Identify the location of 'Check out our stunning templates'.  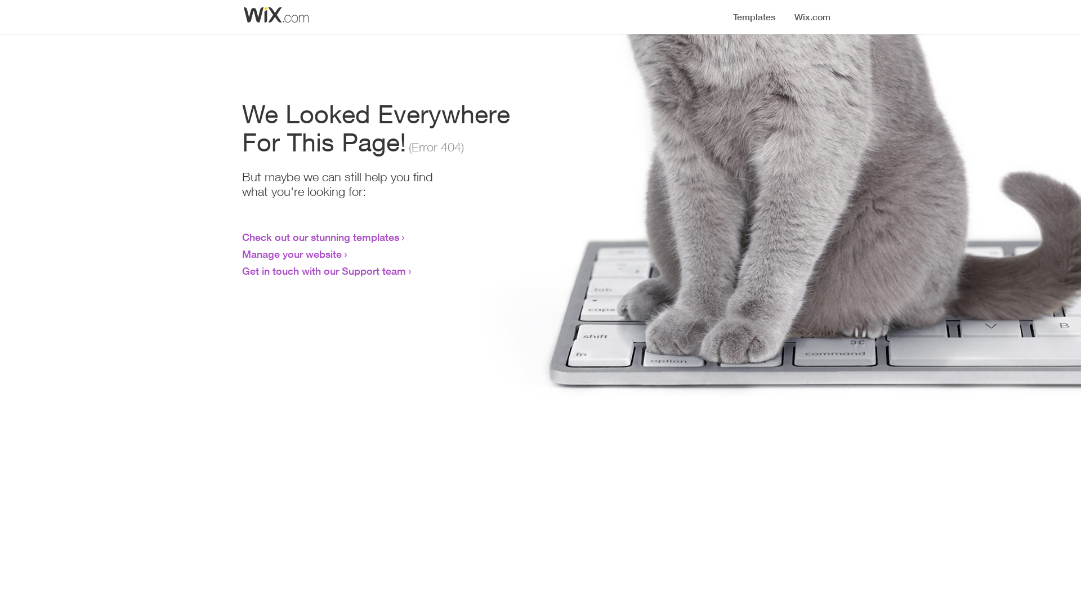
(320, 236).